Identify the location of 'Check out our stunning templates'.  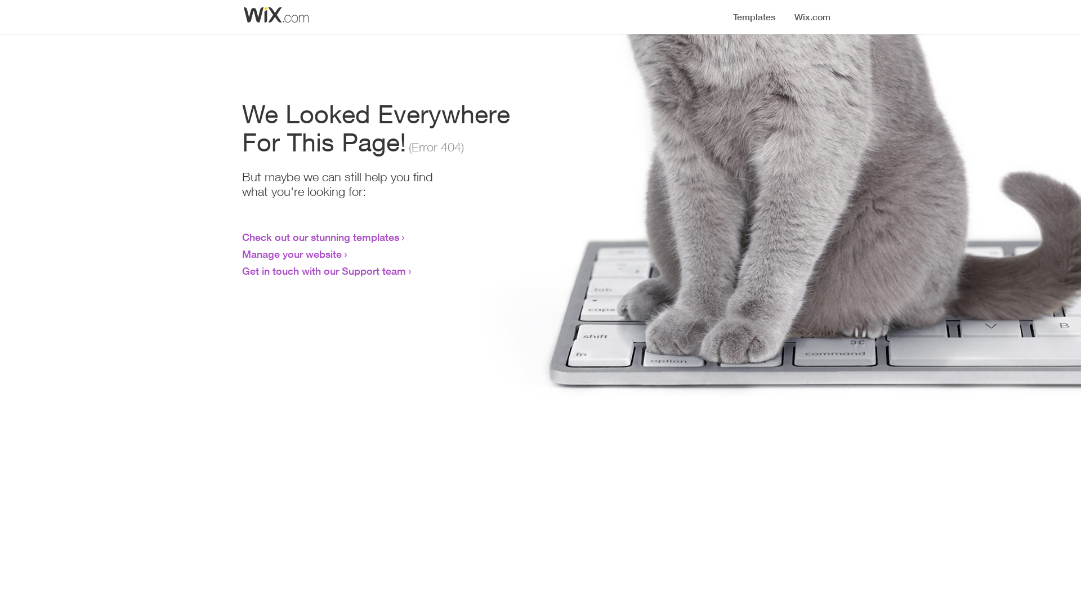
(320, 236).